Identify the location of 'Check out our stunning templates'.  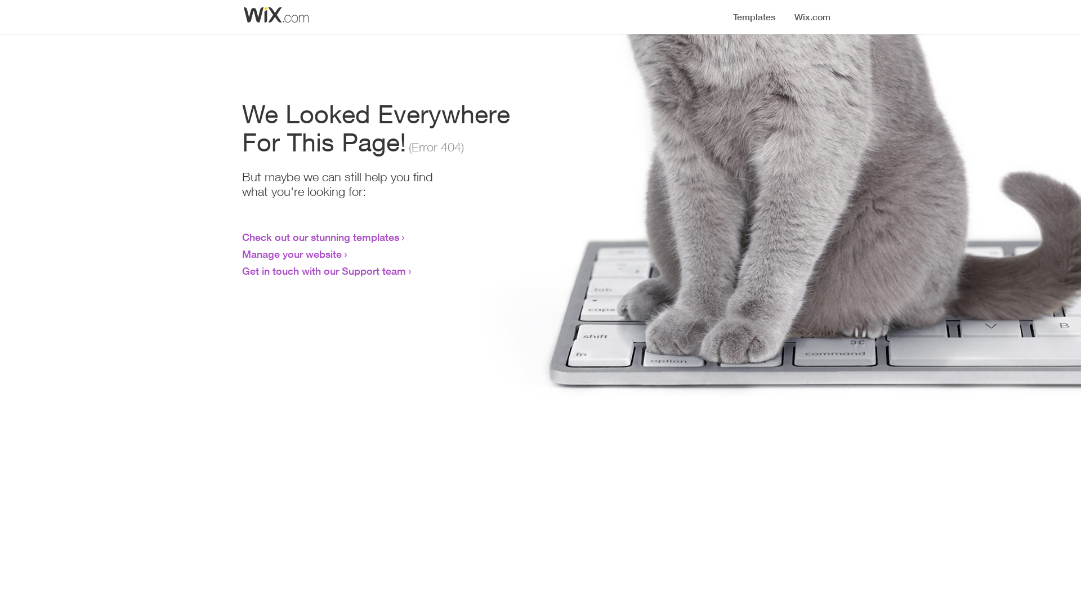
(320, 236).